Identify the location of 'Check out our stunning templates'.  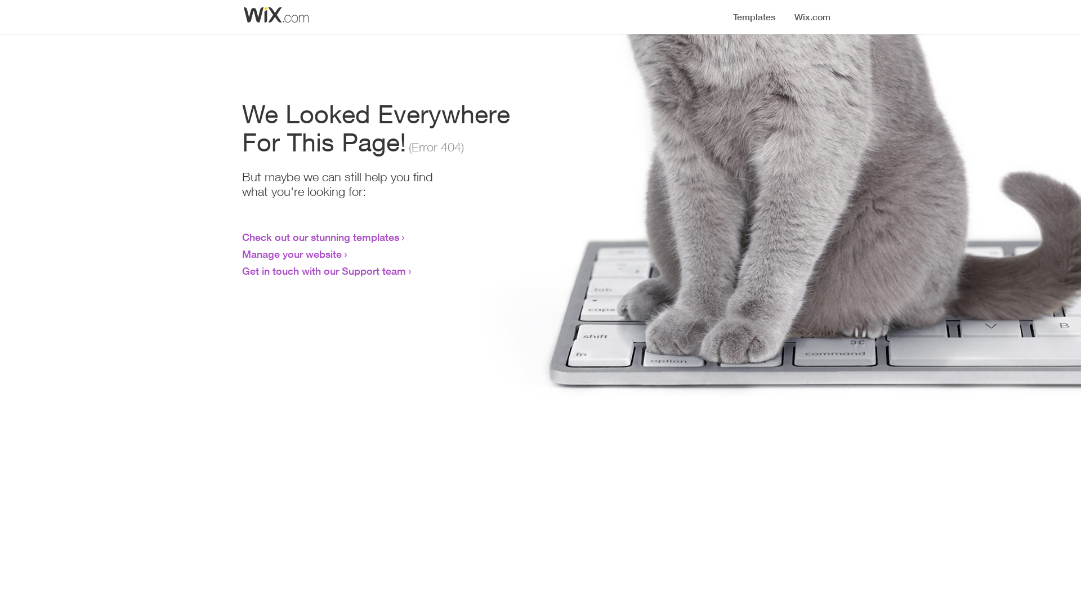
(320, 236).